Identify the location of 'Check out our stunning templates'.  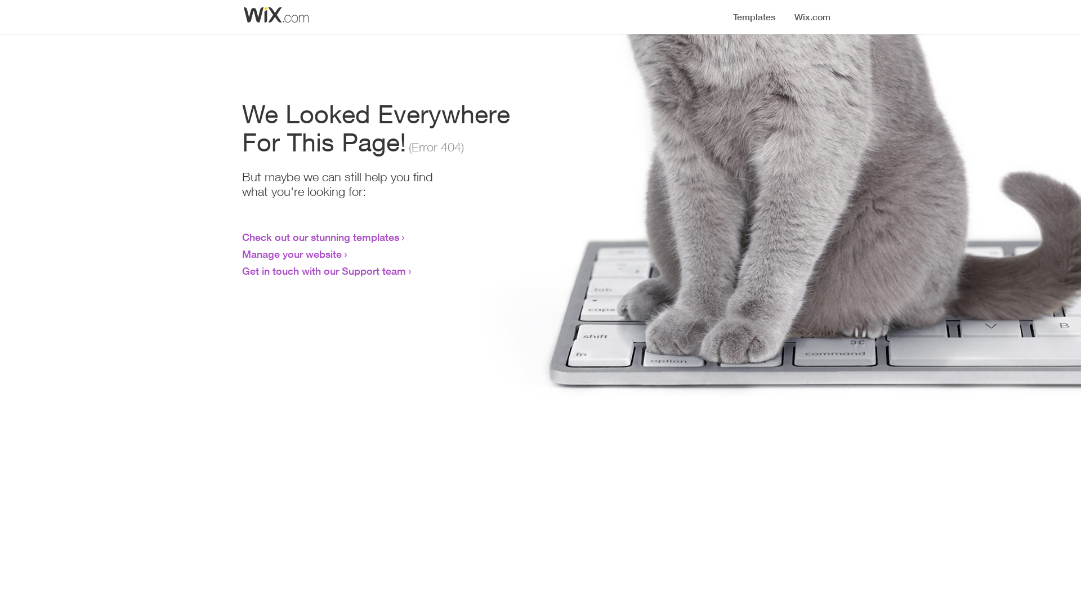
(320, 236).